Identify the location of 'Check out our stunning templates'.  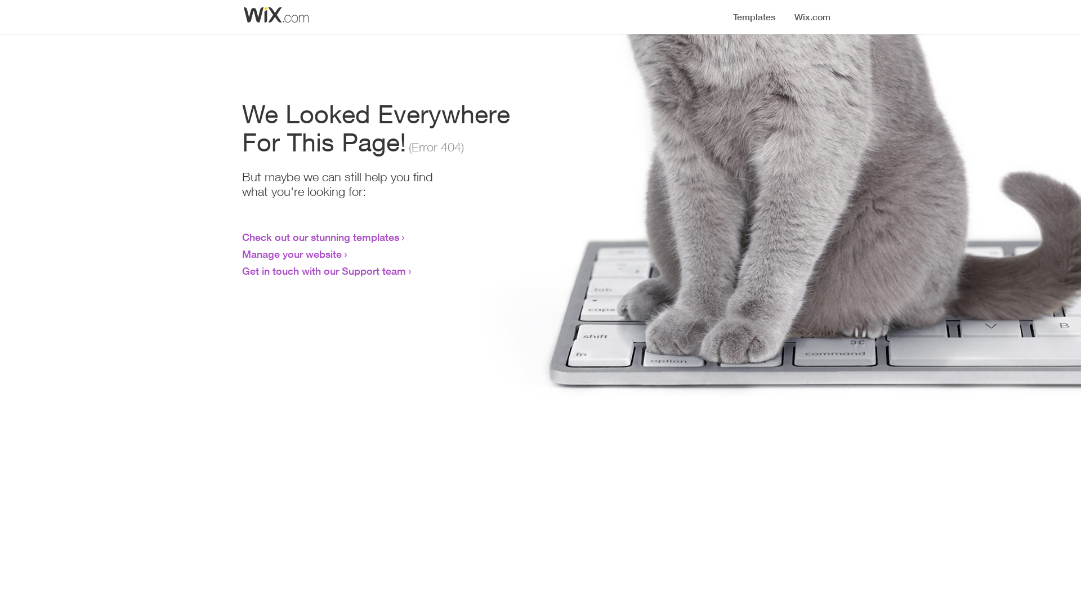
(320, 236).